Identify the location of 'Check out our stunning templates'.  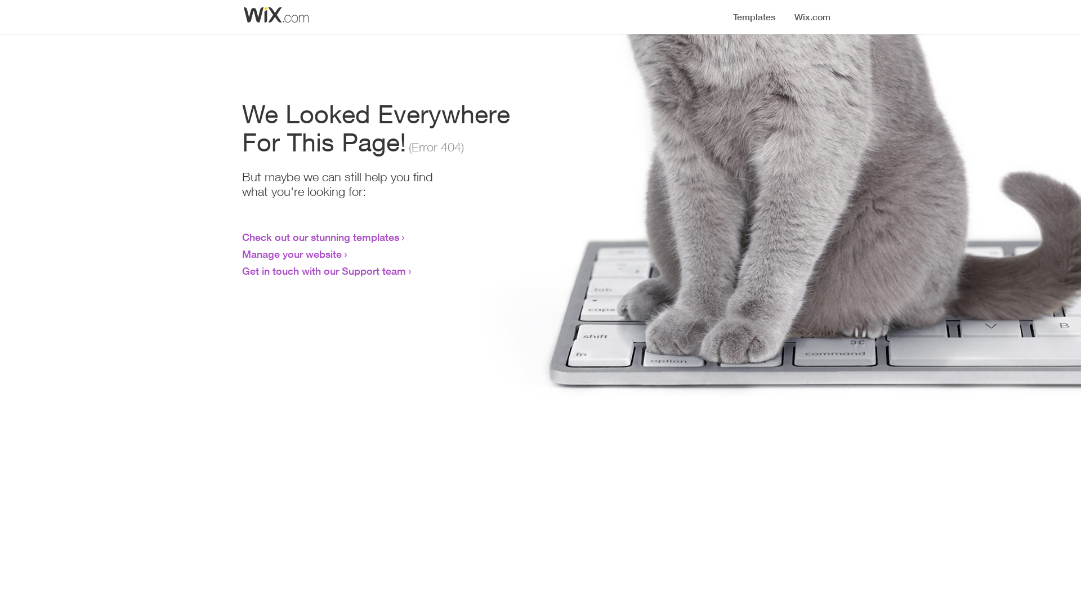
(320, 236).